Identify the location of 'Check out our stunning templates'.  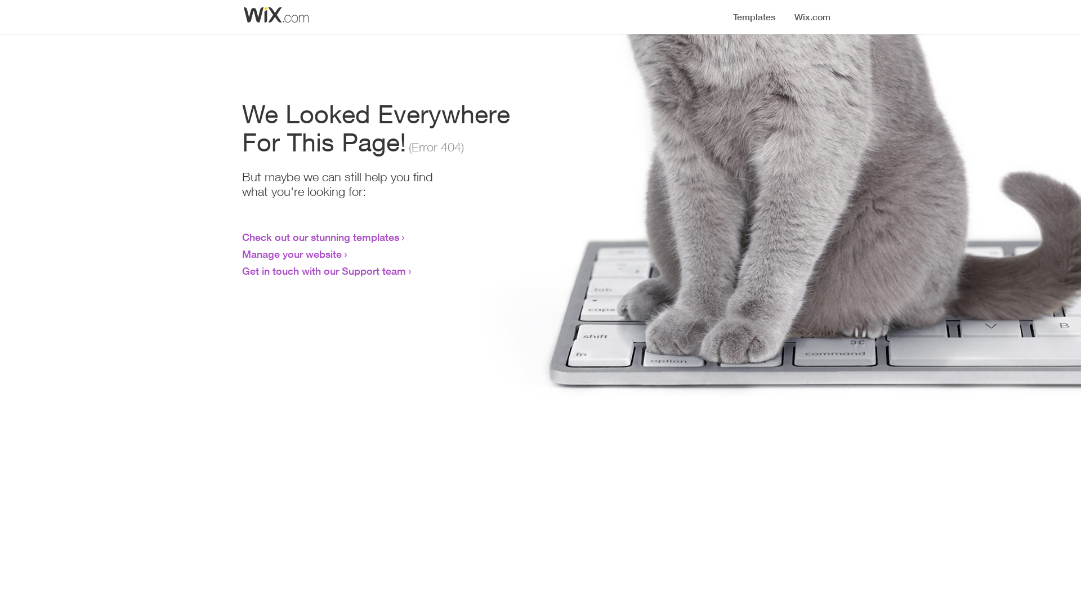
(320, 236).